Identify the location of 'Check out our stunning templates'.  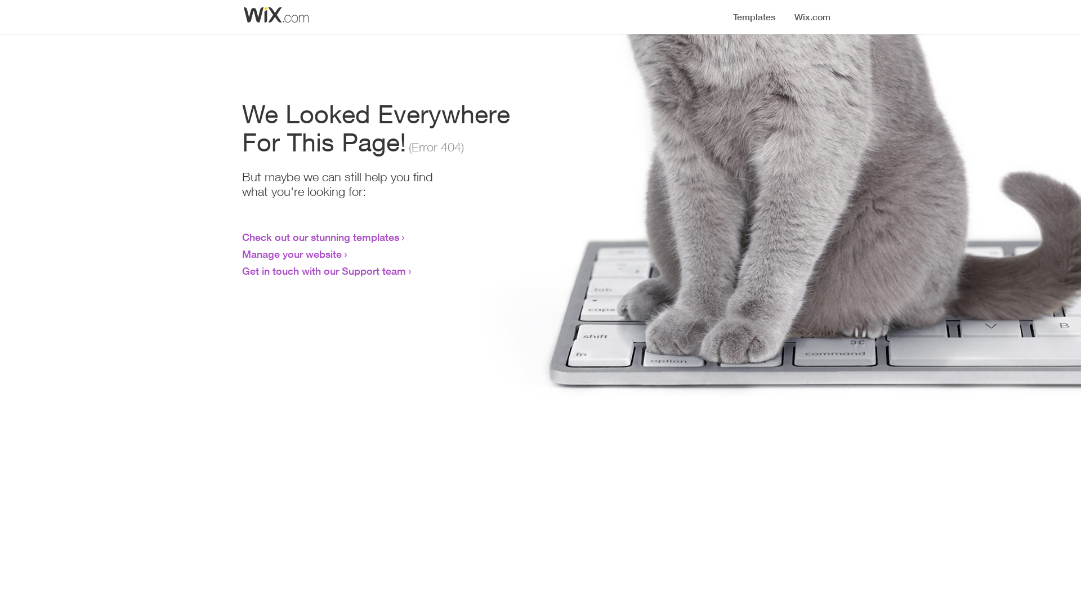
(320, 236).